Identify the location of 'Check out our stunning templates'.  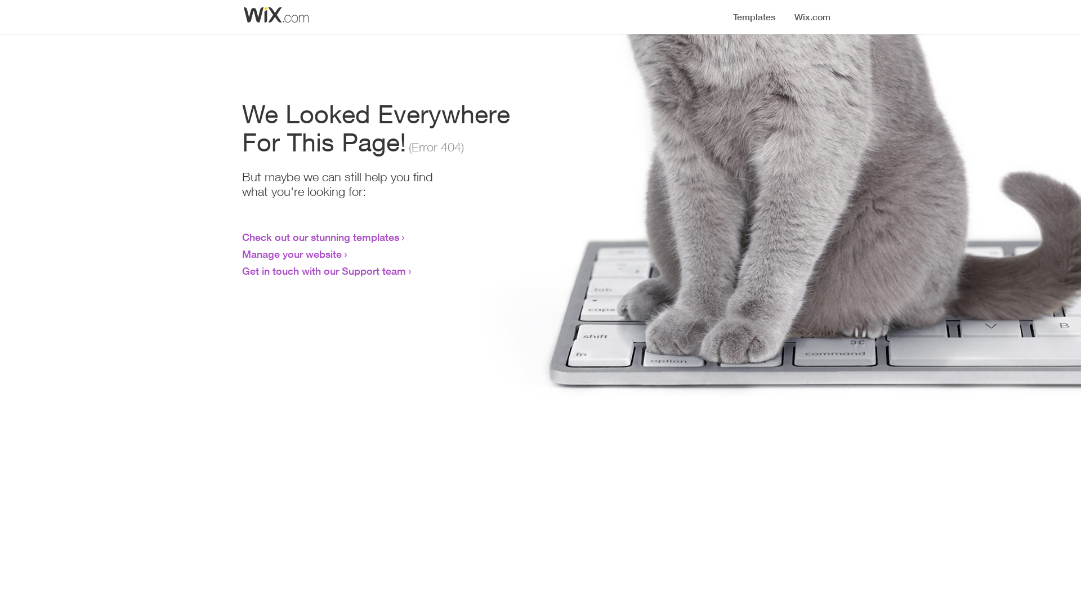
(320, 236).